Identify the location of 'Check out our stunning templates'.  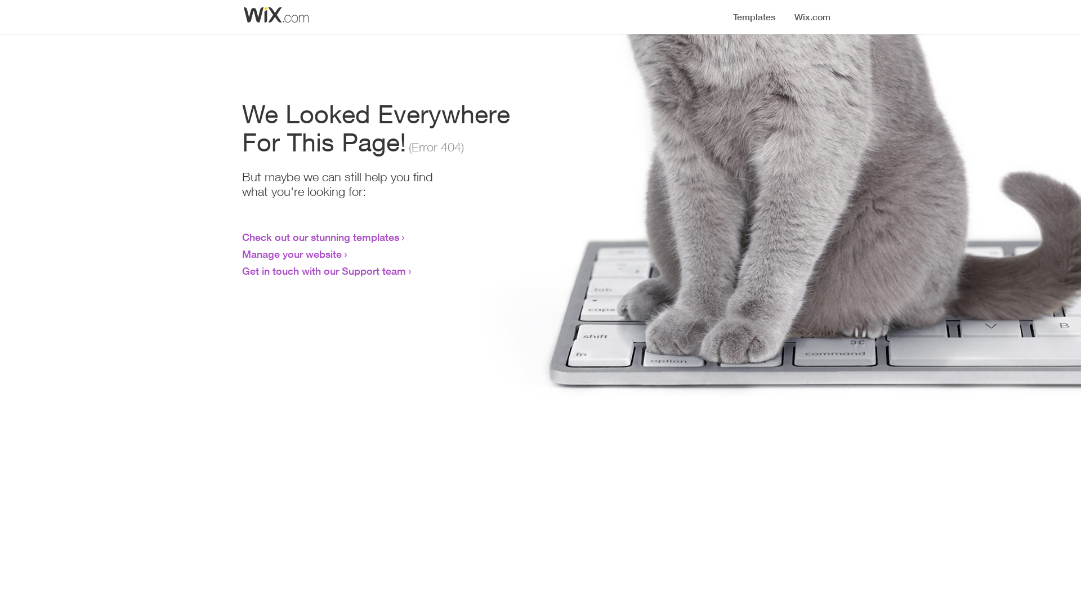
(320, 236).